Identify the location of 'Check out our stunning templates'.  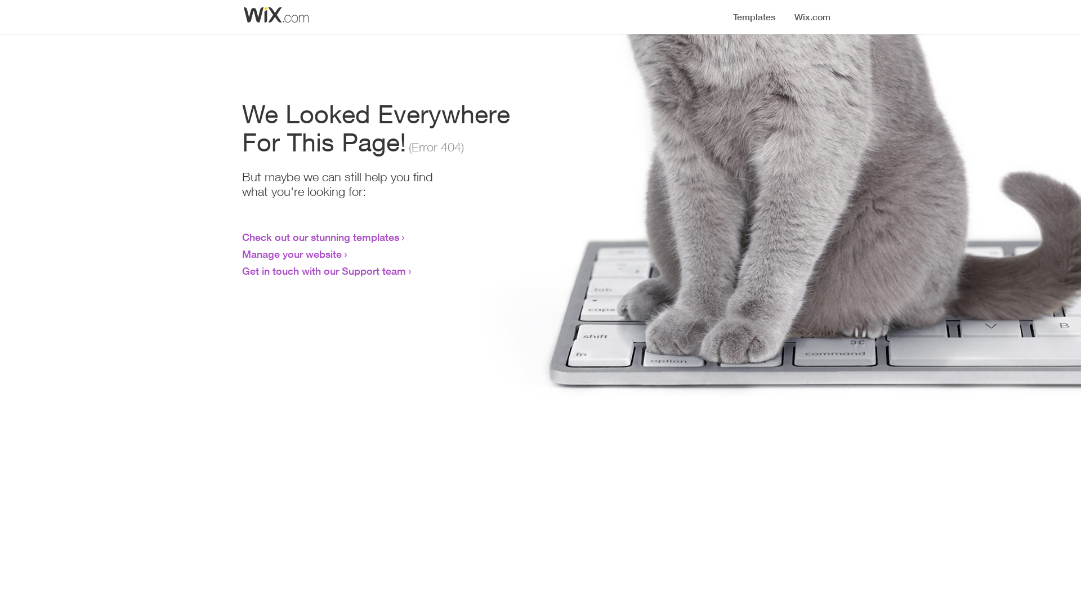
(320, 236).